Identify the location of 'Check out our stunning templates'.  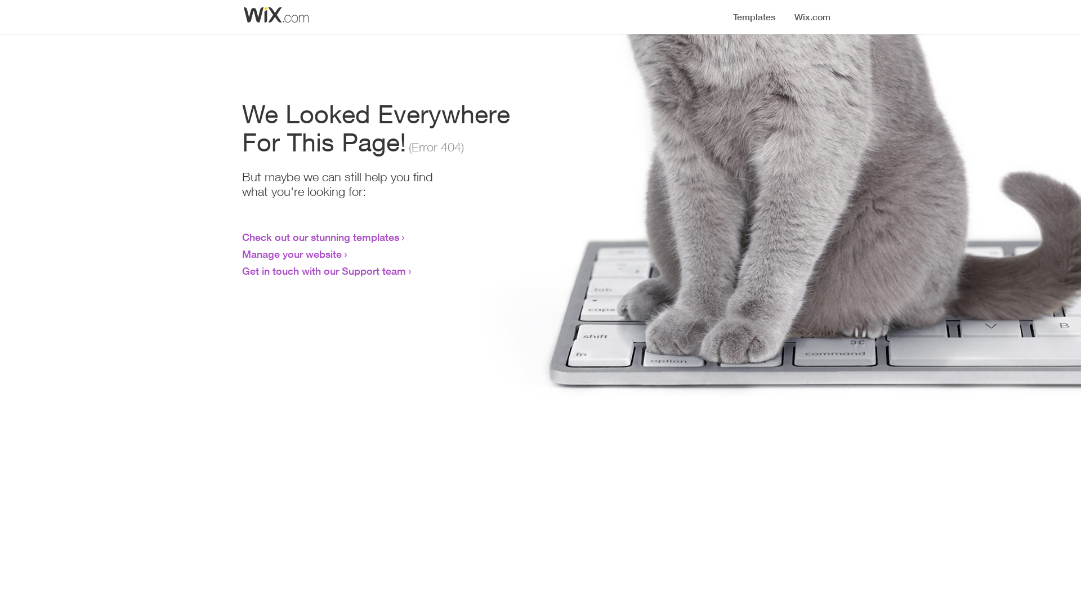
(320, 236).